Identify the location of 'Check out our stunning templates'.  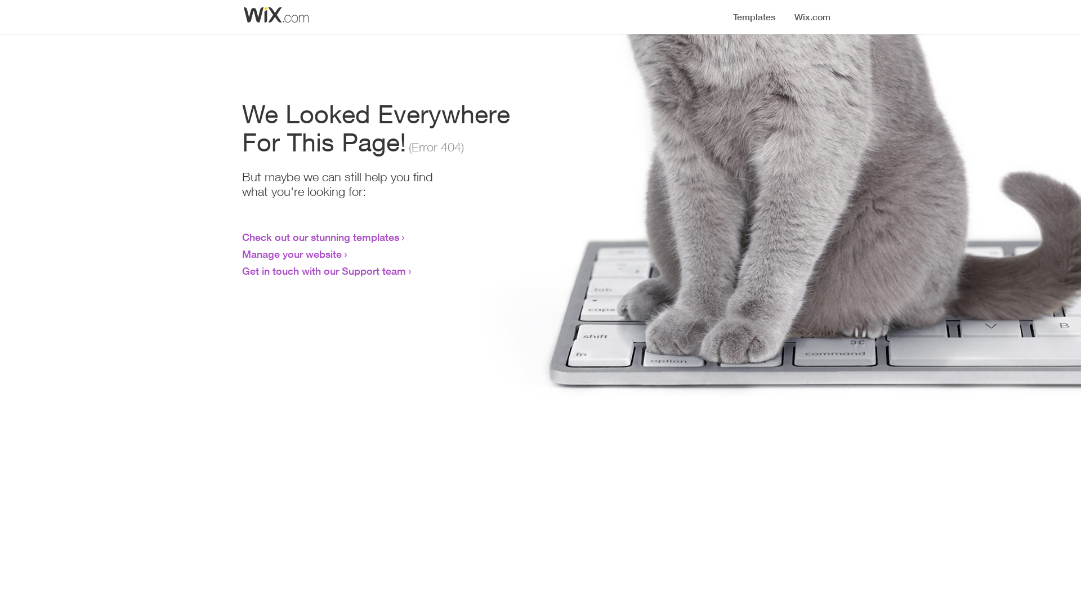
(320, 236).